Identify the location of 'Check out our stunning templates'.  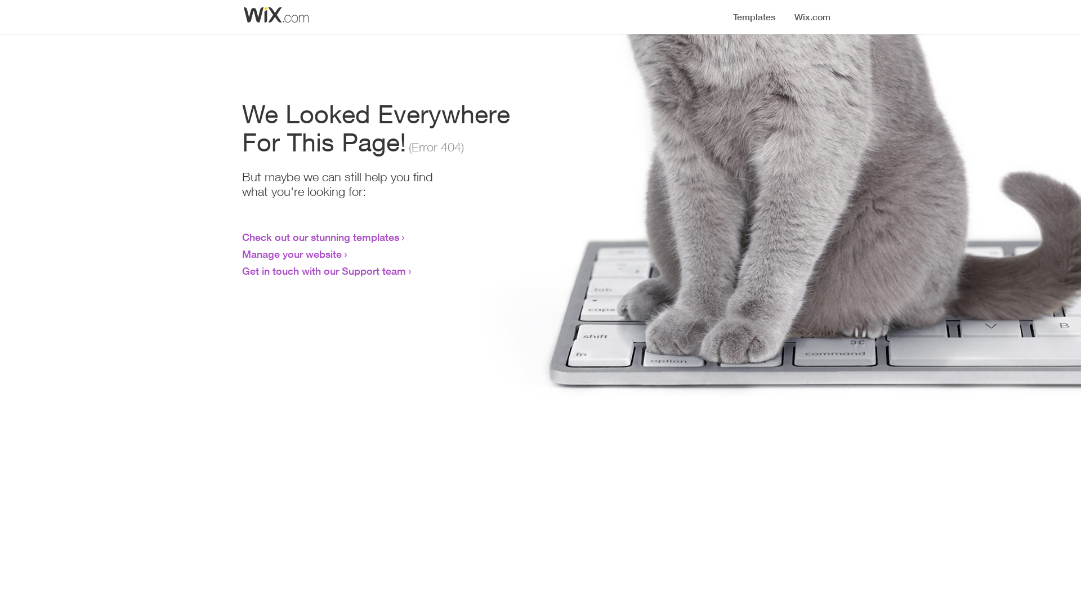
(320, 236).